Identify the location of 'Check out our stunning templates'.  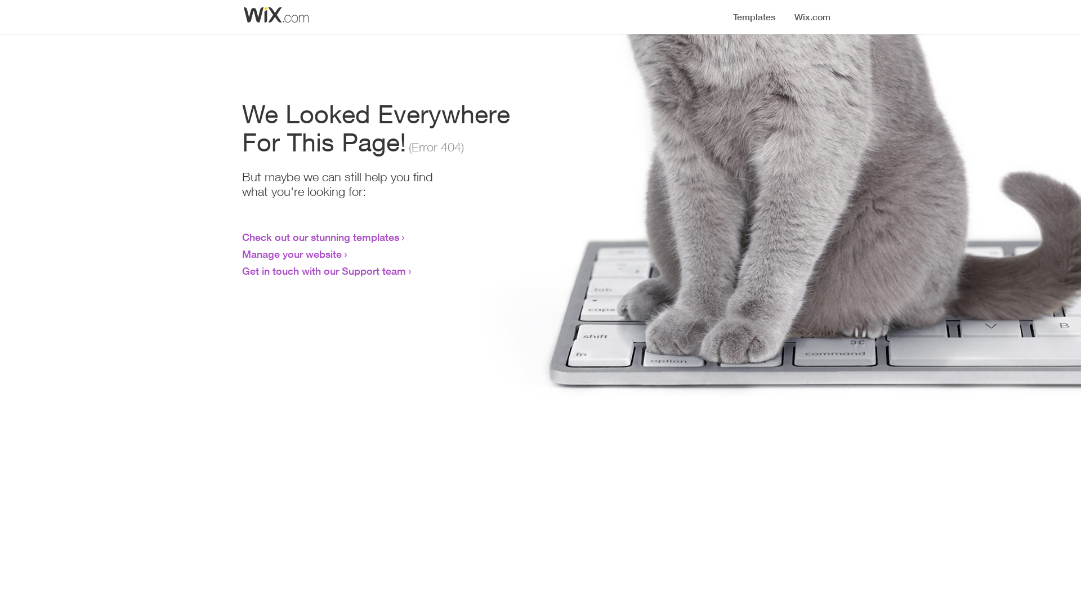
(320, 236).